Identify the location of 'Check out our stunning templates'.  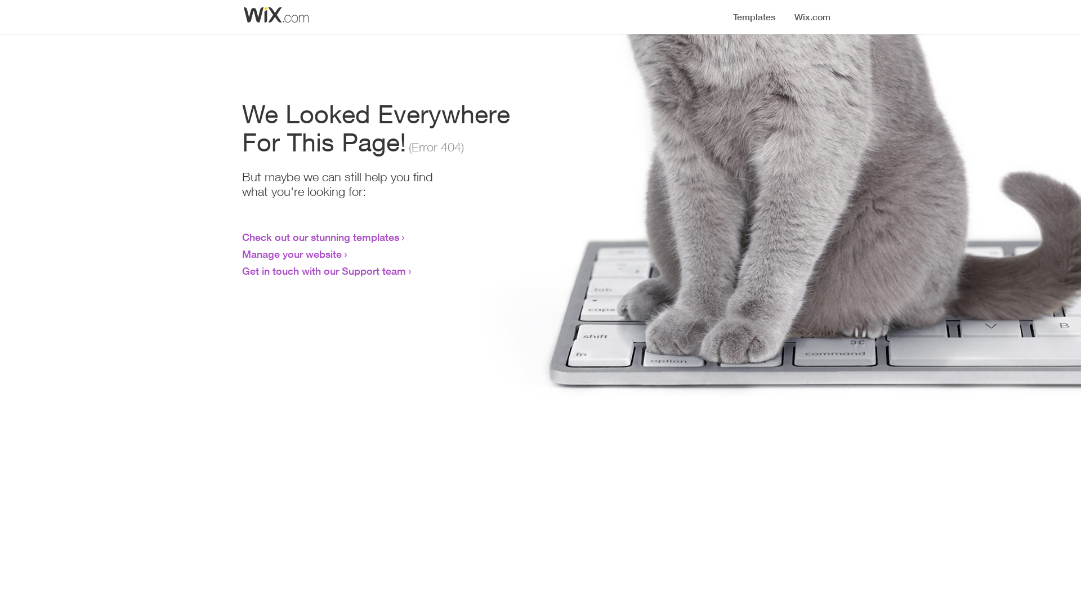
(320, 236).